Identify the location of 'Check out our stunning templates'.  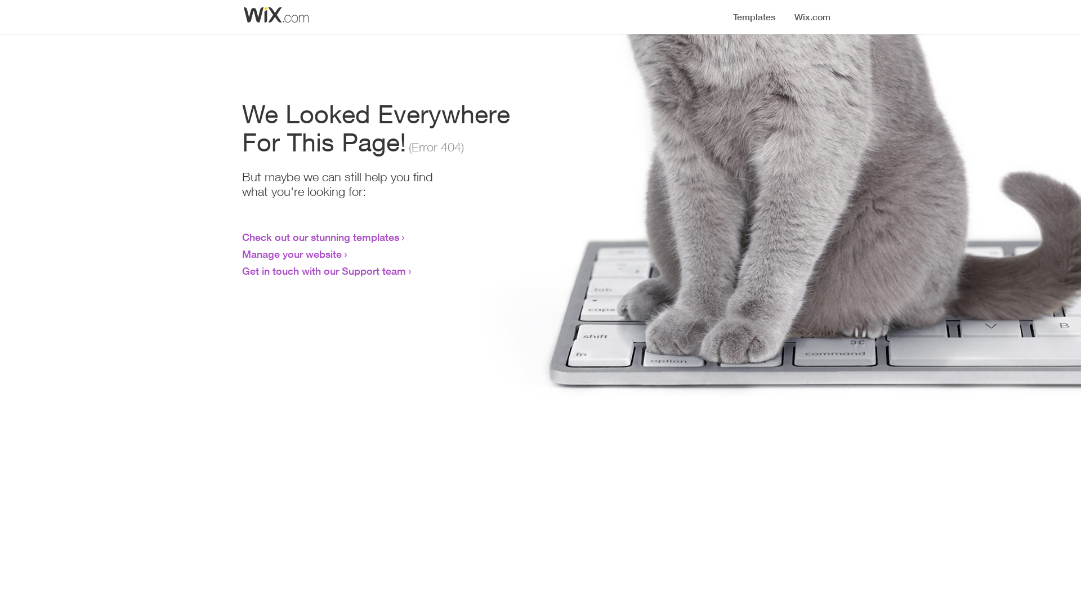
(320, 236).